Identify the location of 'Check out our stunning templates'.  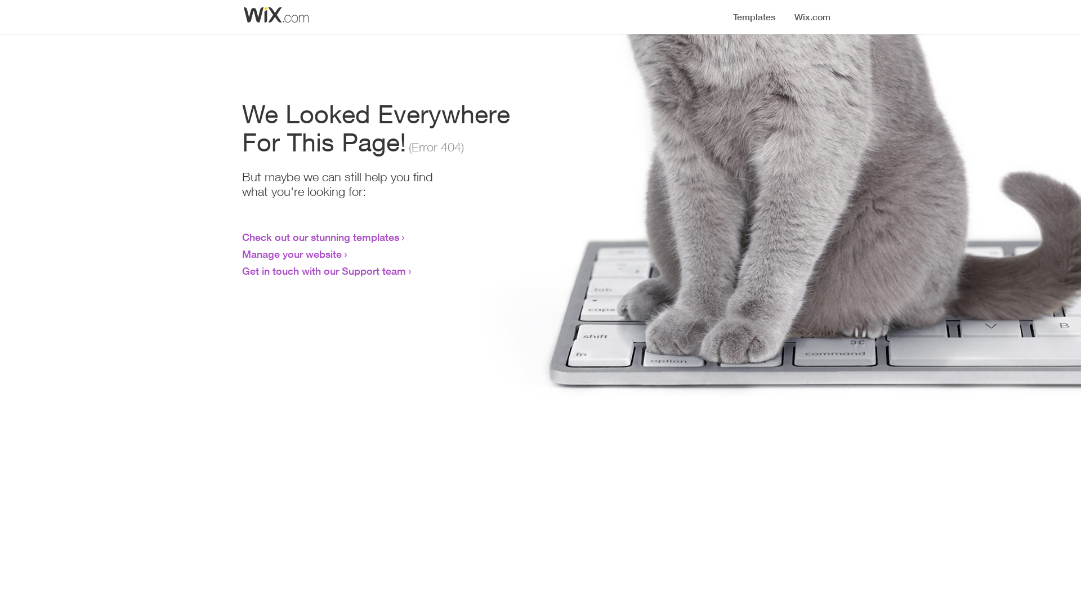
(320, 236).